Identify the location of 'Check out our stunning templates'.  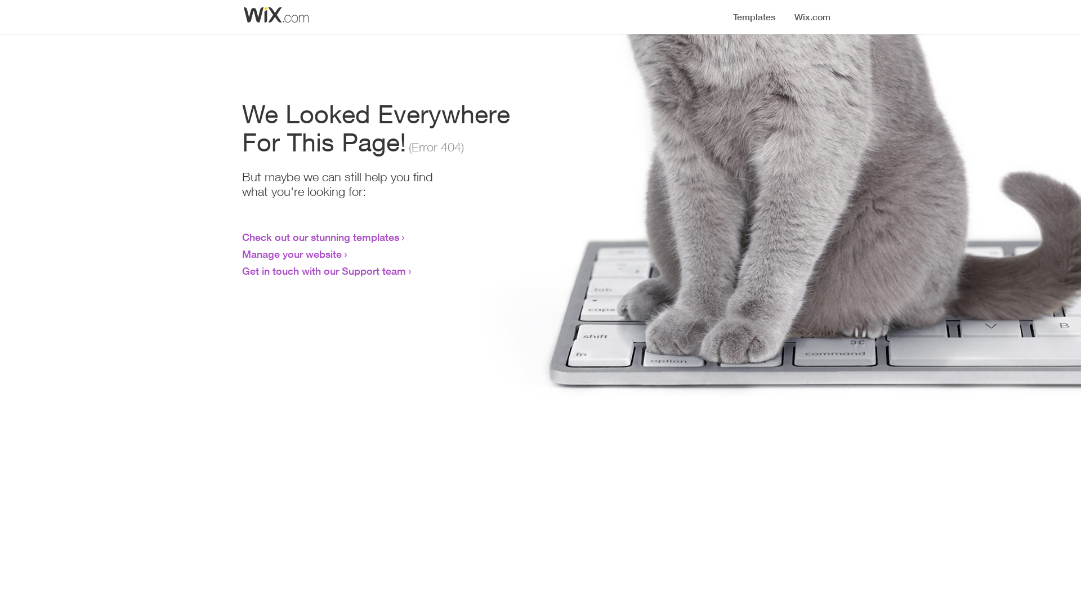
(320, 236).